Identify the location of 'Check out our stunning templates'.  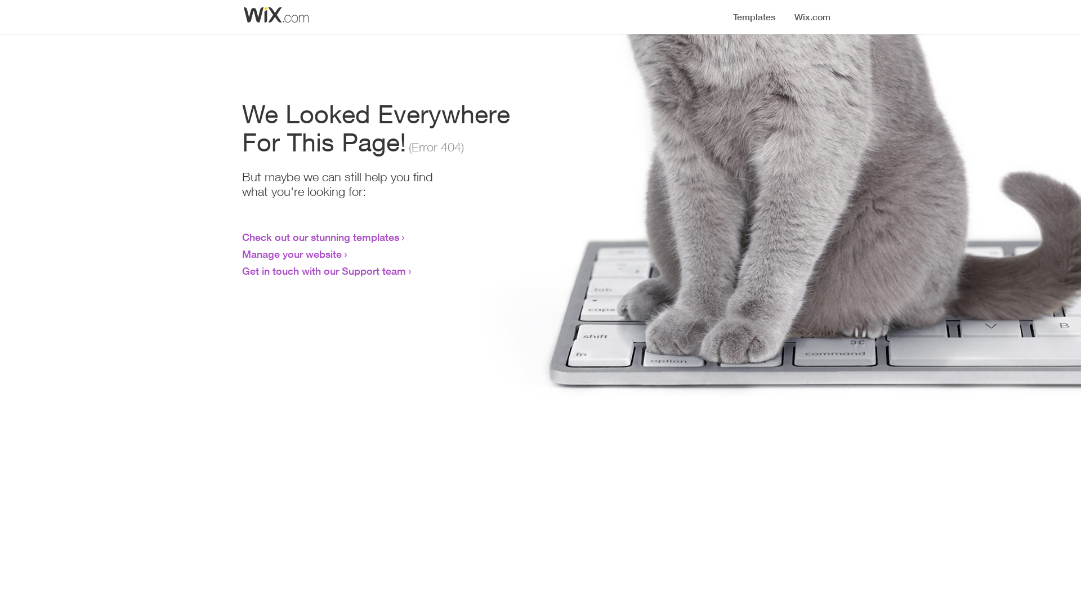
(320, 236).